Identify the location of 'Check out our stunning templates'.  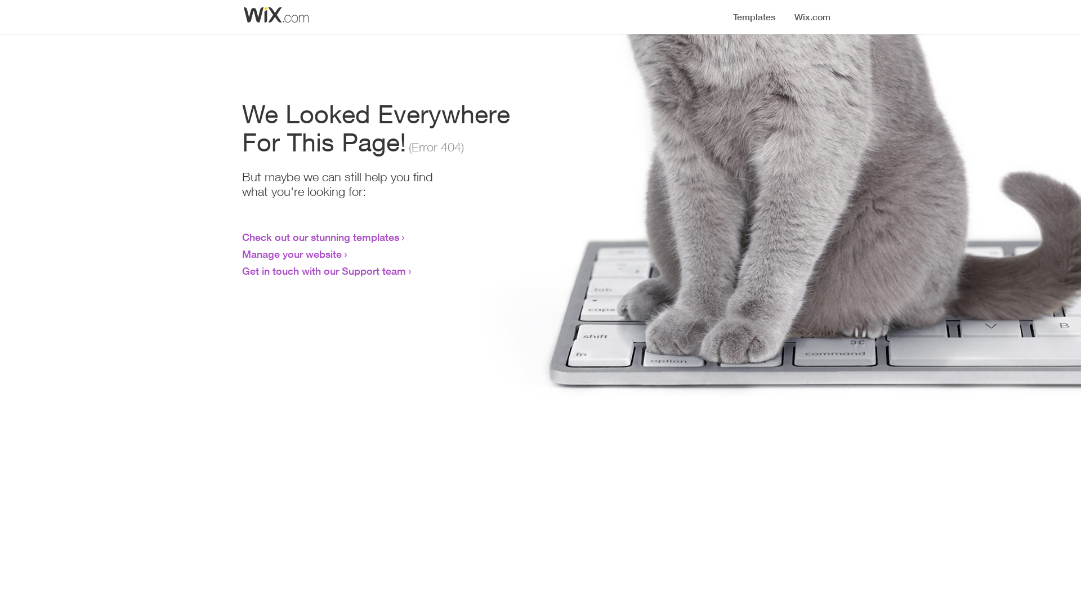
(320, 236).